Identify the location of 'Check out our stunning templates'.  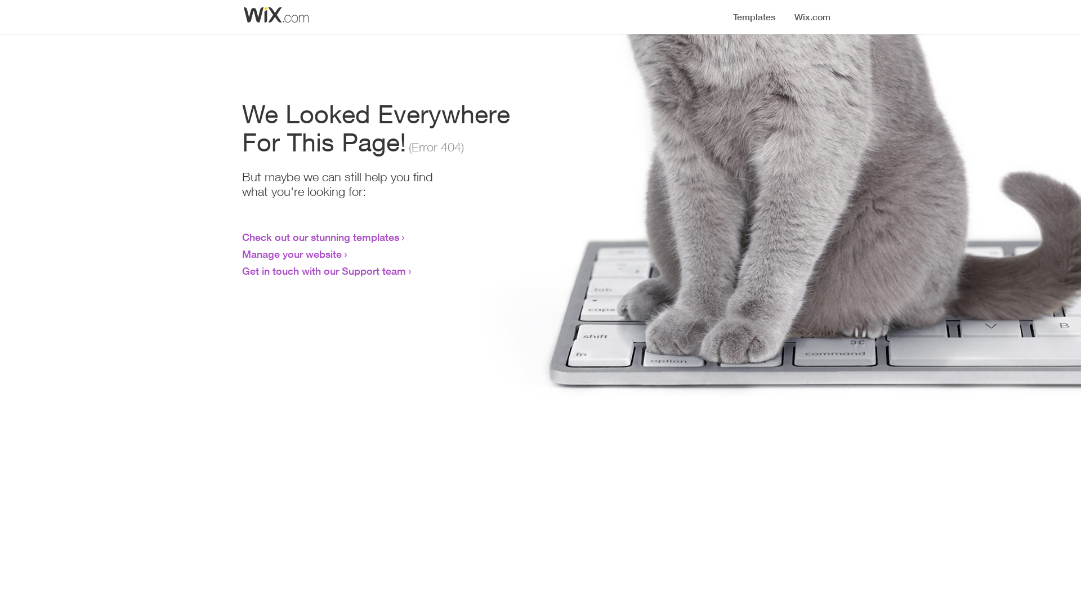
(320, 236).